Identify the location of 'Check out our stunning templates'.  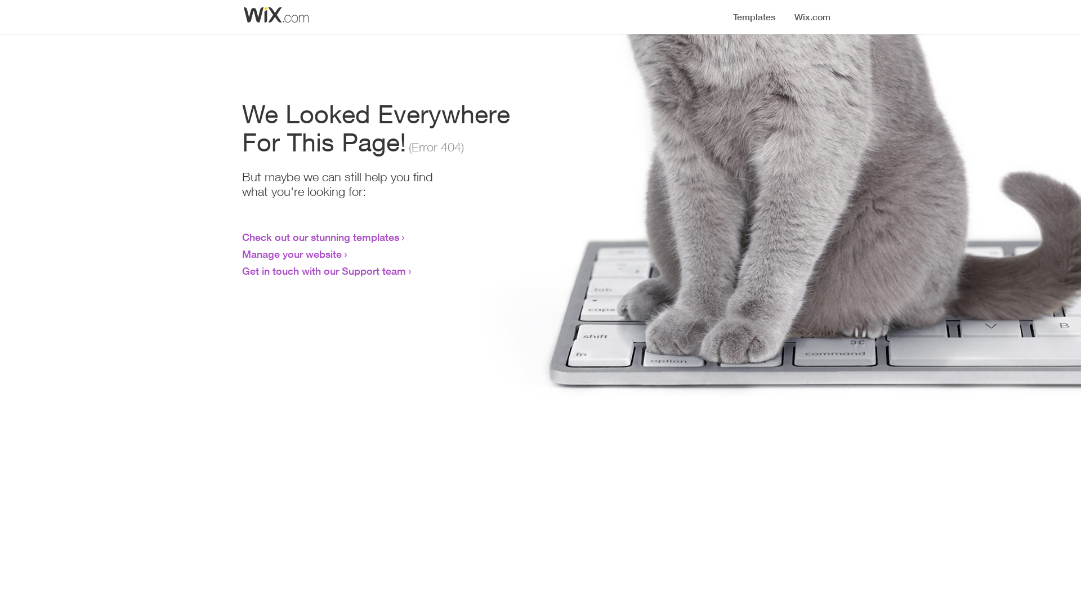
(320, 236).